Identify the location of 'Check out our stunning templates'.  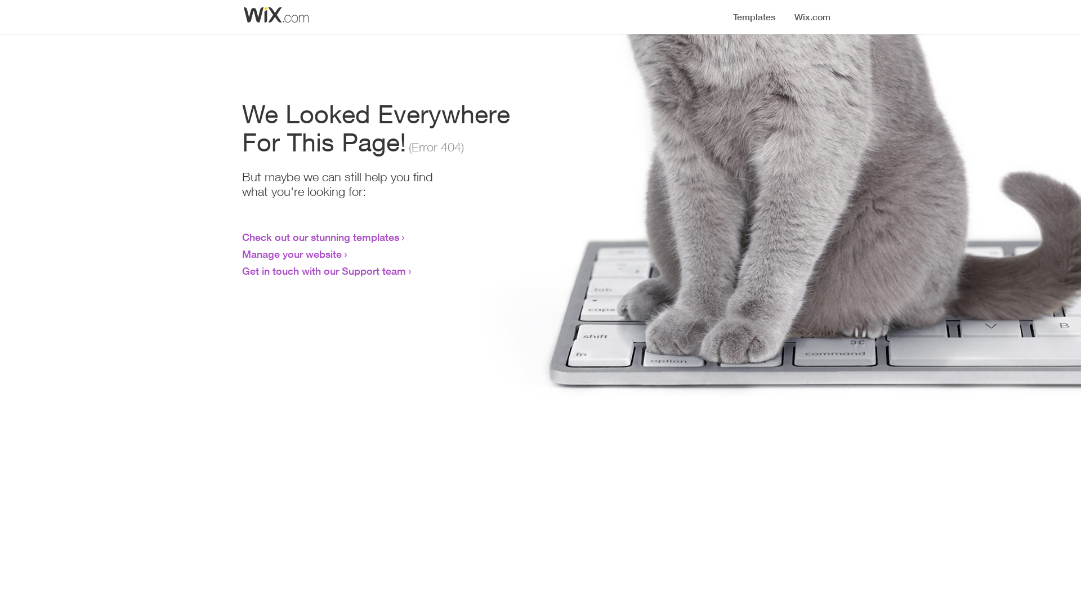
(320, 236).